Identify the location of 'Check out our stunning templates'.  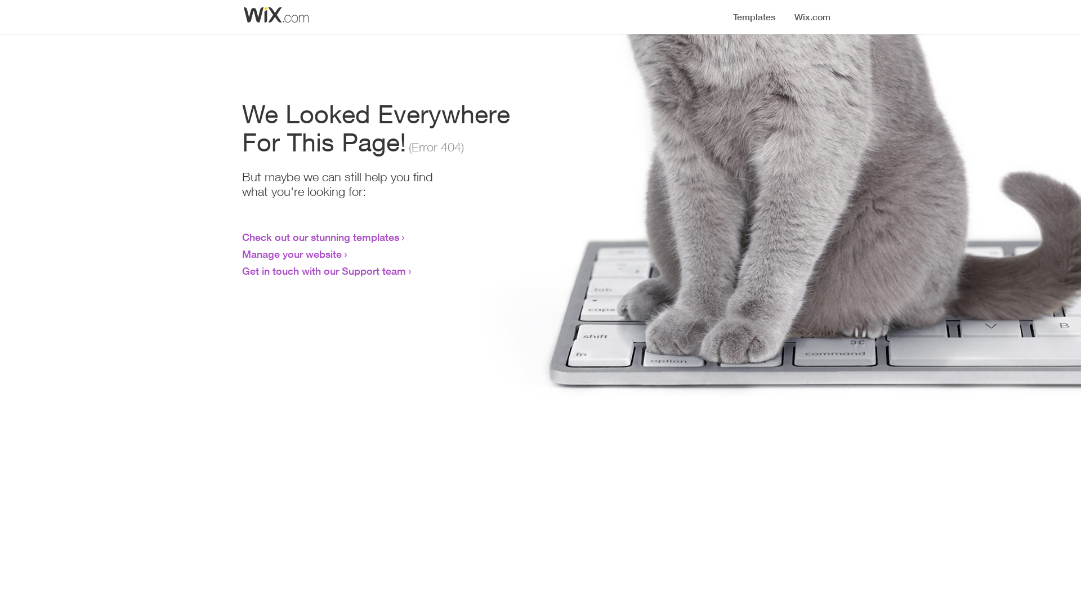
(320, 236).